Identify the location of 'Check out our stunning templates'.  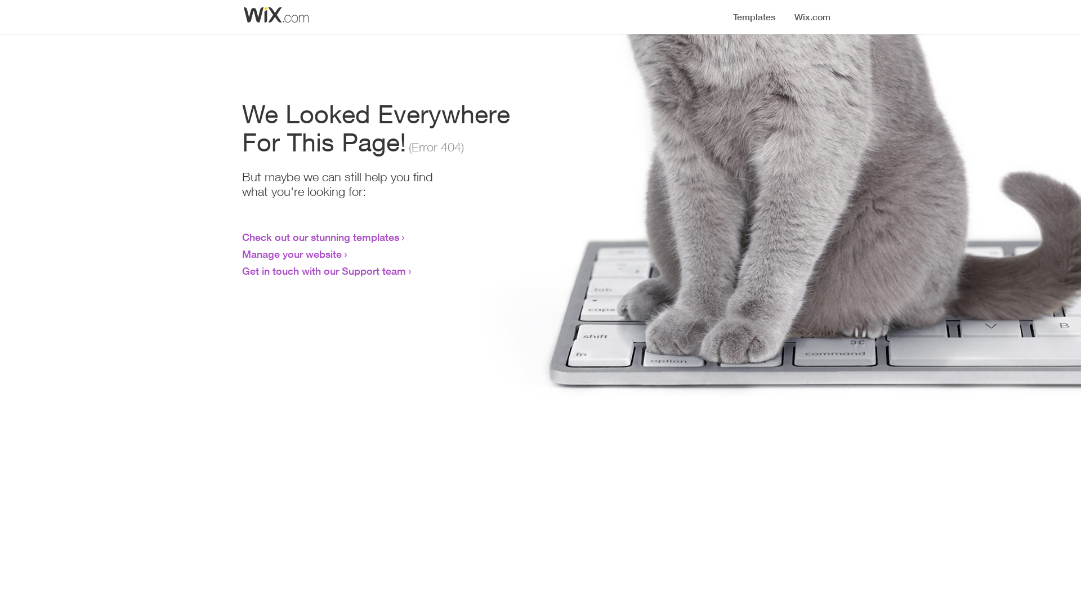
(320, 236).